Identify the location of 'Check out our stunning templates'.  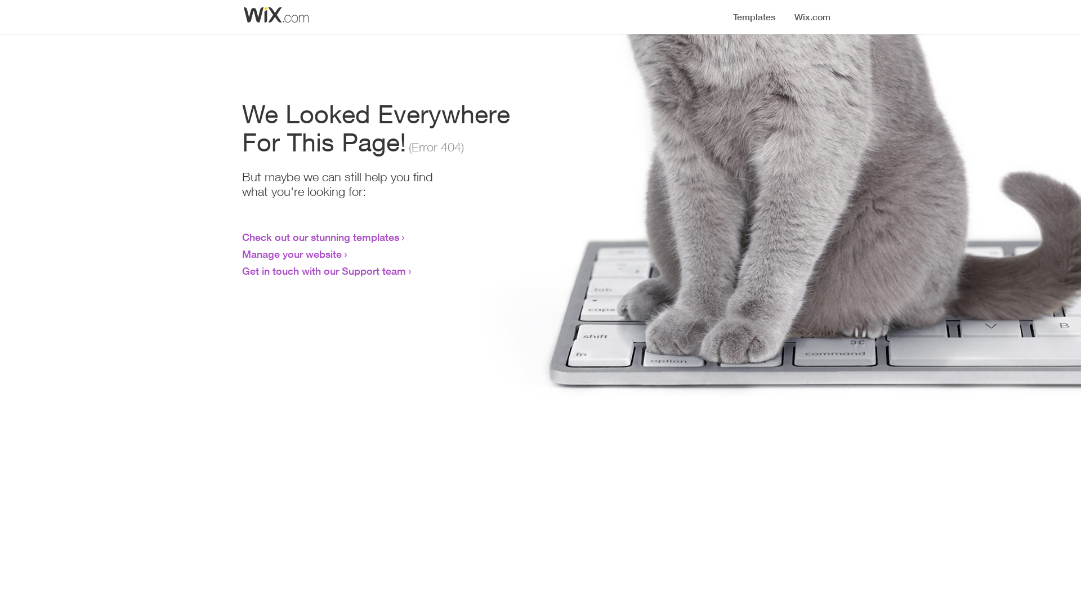
(320, 236).